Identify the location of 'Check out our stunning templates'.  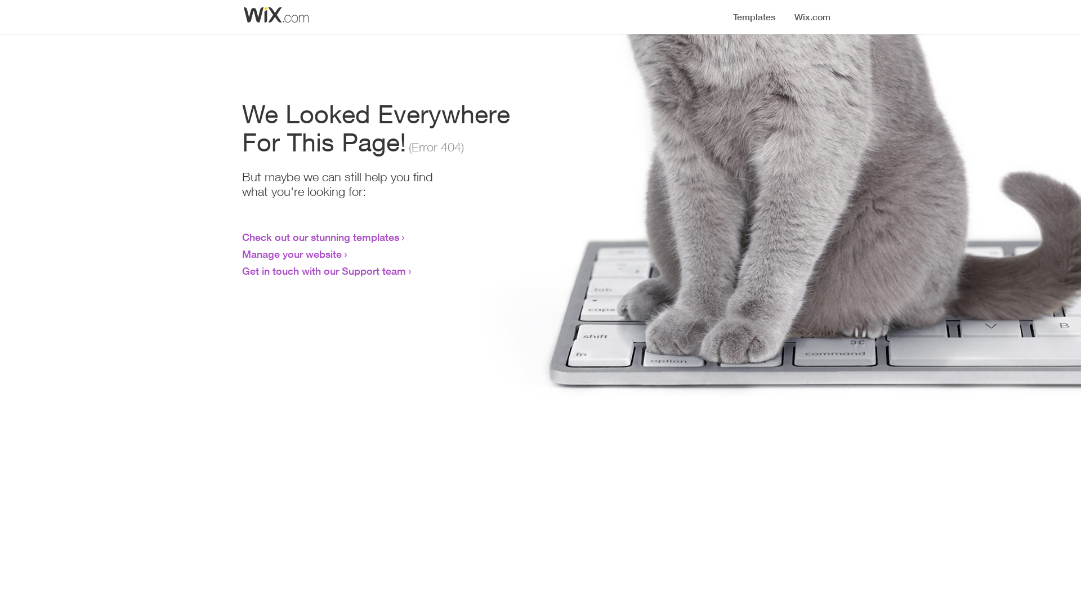
(320, 236).